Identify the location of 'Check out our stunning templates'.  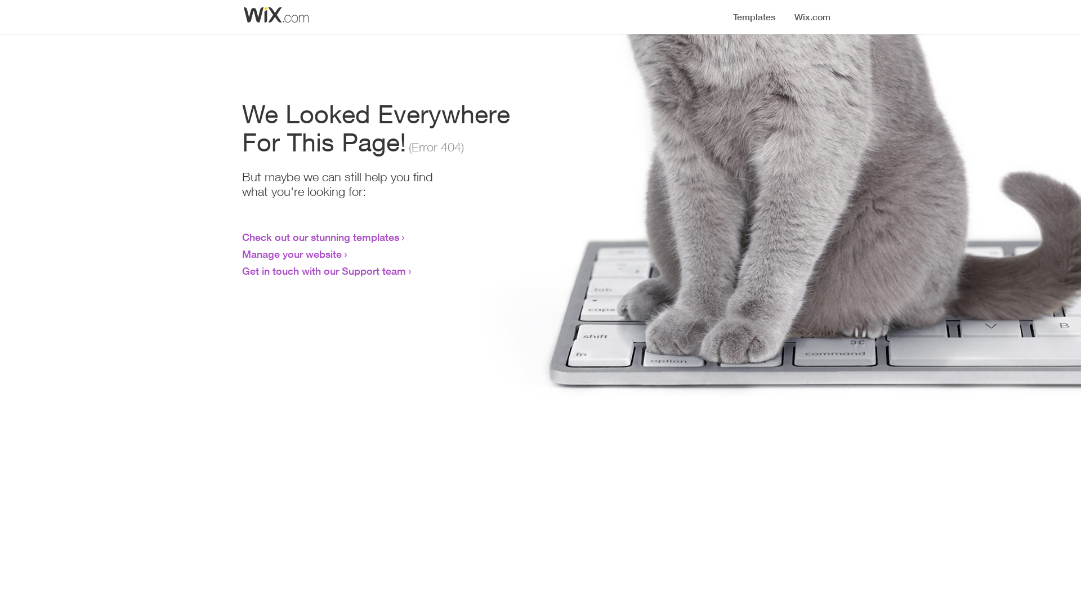
(320, 236).